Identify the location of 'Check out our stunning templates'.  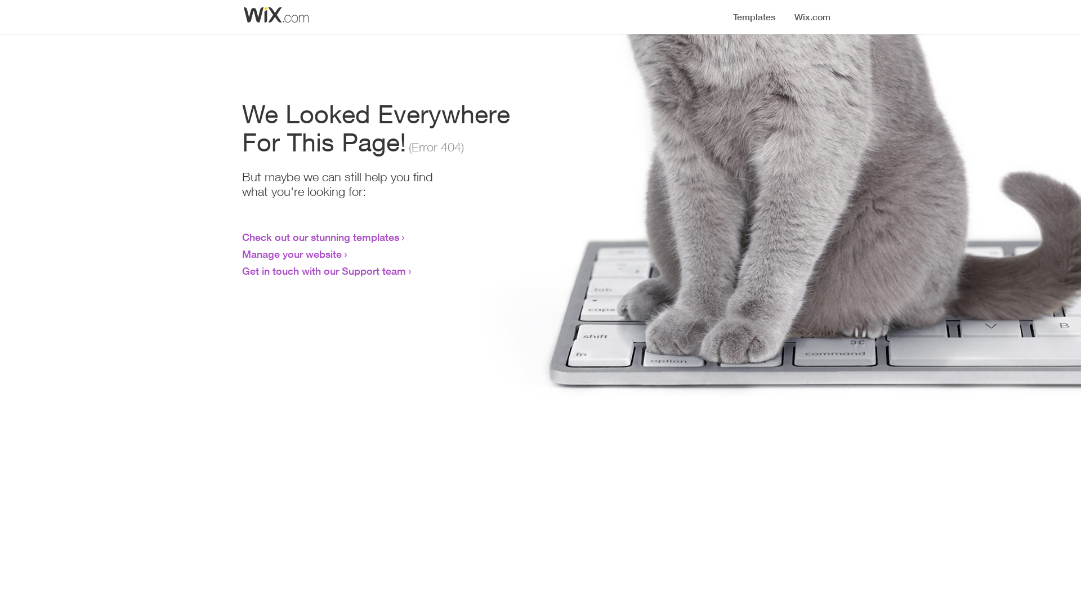
(320, 236).